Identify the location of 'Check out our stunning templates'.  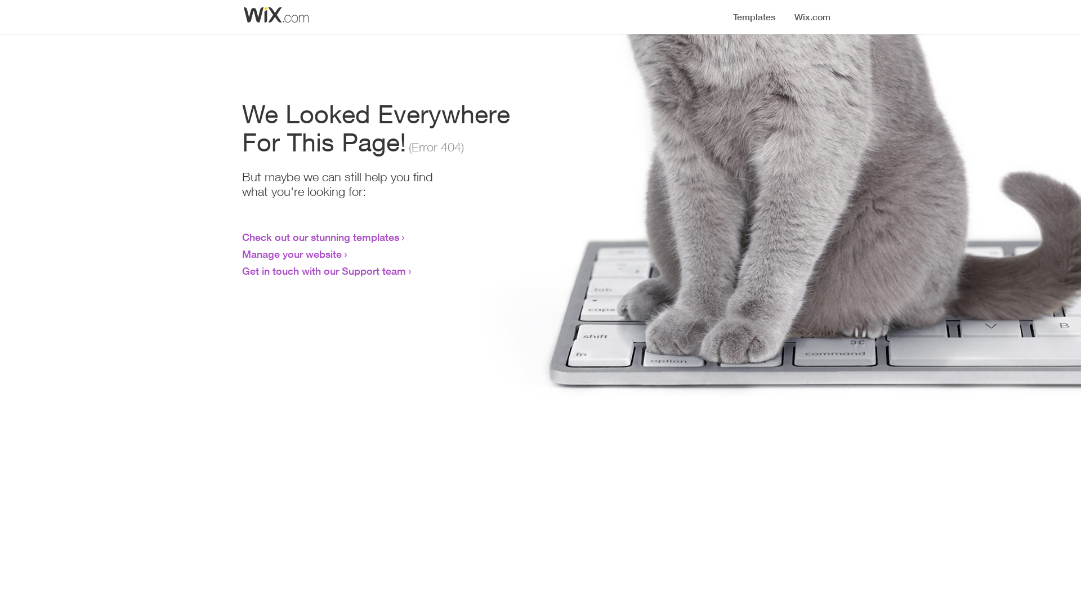
(320, 236).